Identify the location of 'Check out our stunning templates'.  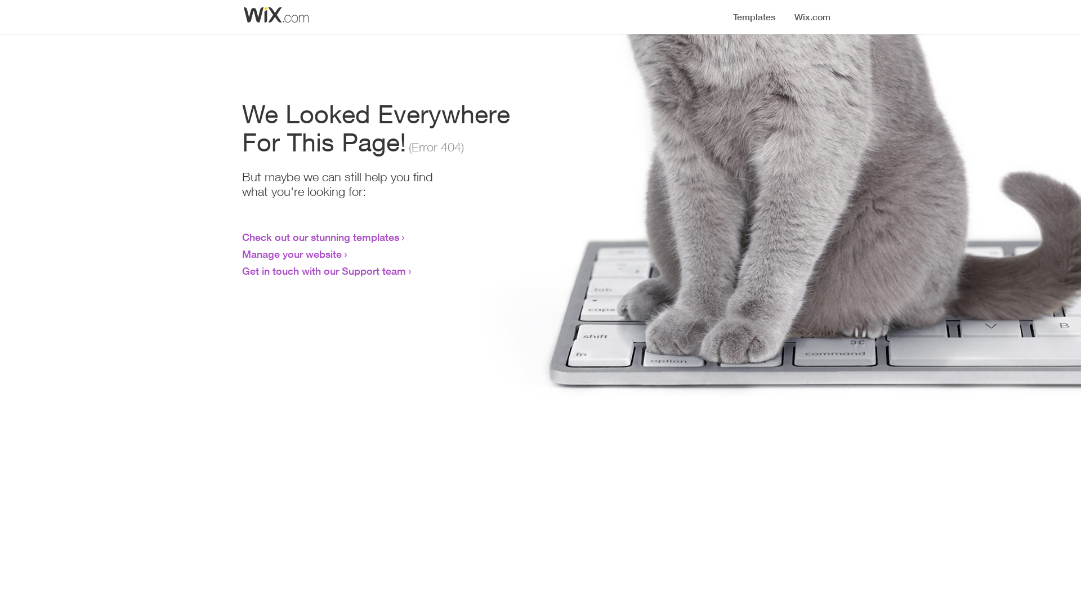
(320, 236).